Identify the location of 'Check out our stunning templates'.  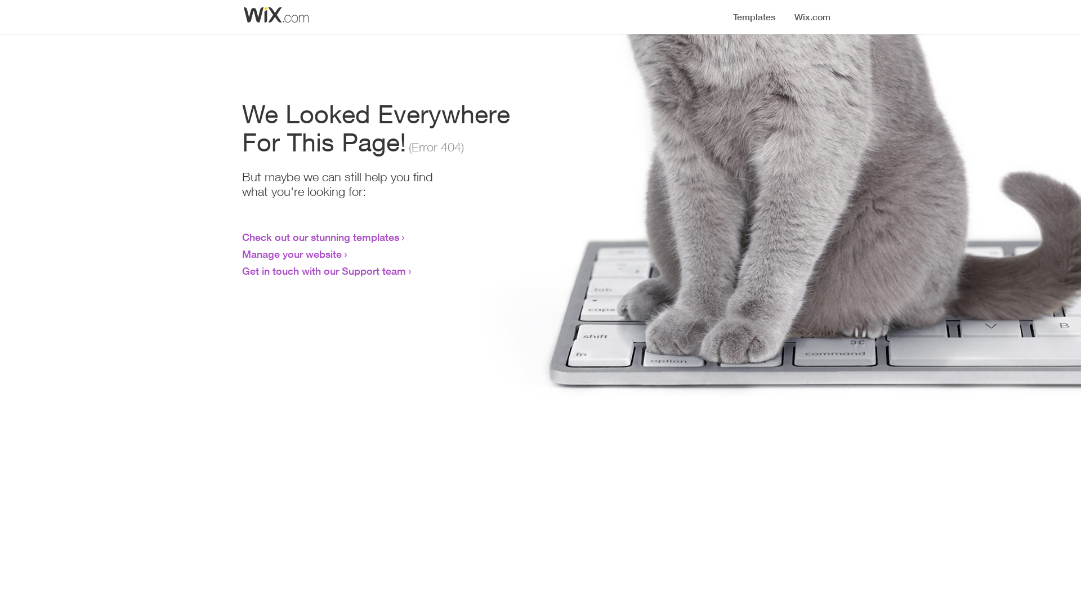
(320, 236).